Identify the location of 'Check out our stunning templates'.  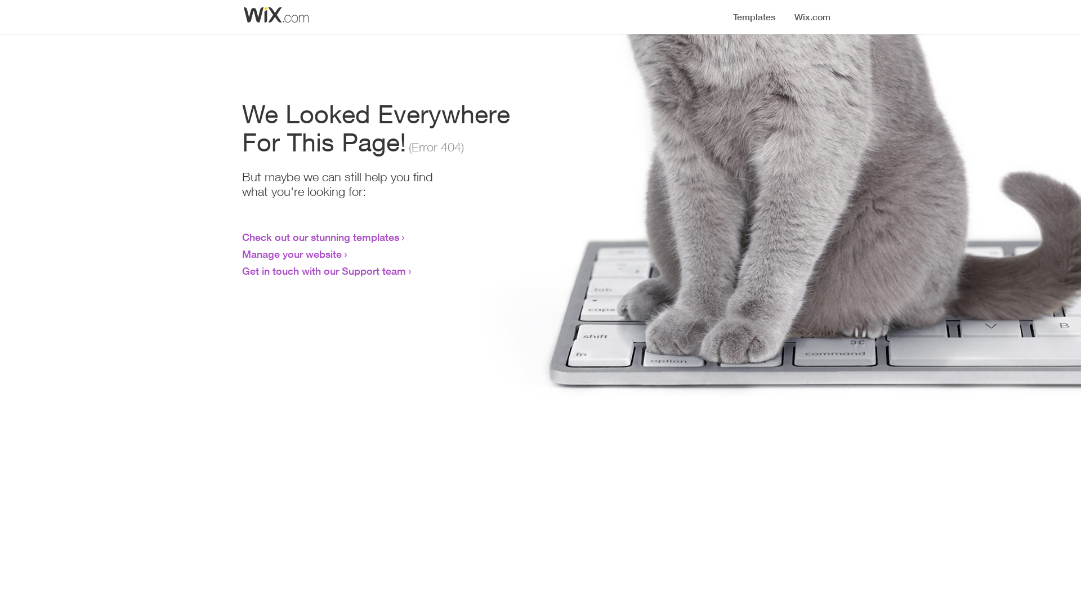
(320, 236).